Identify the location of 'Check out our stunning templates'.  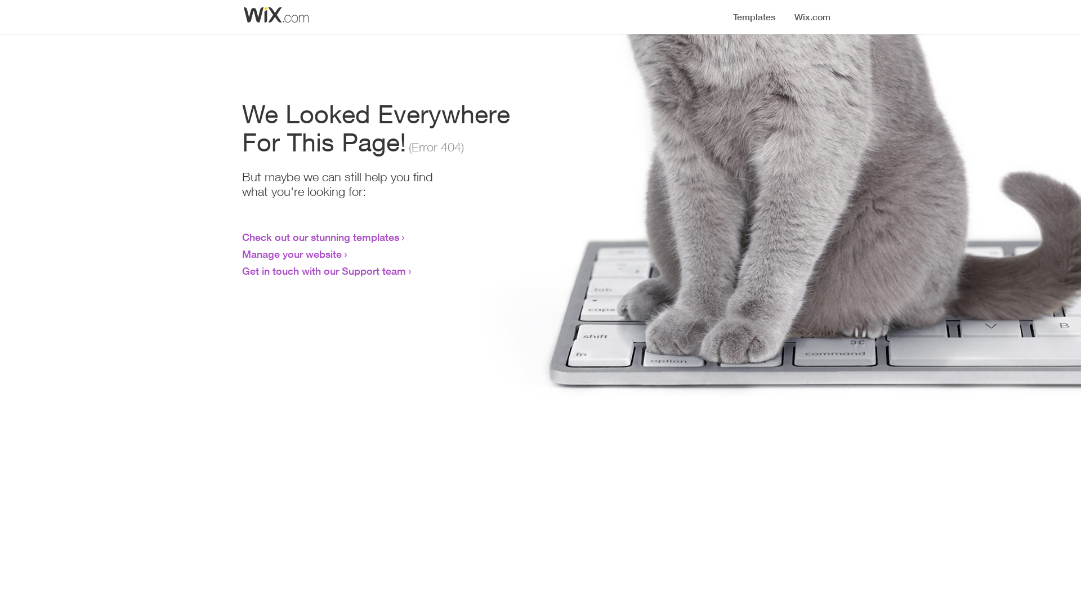
(320, 236).